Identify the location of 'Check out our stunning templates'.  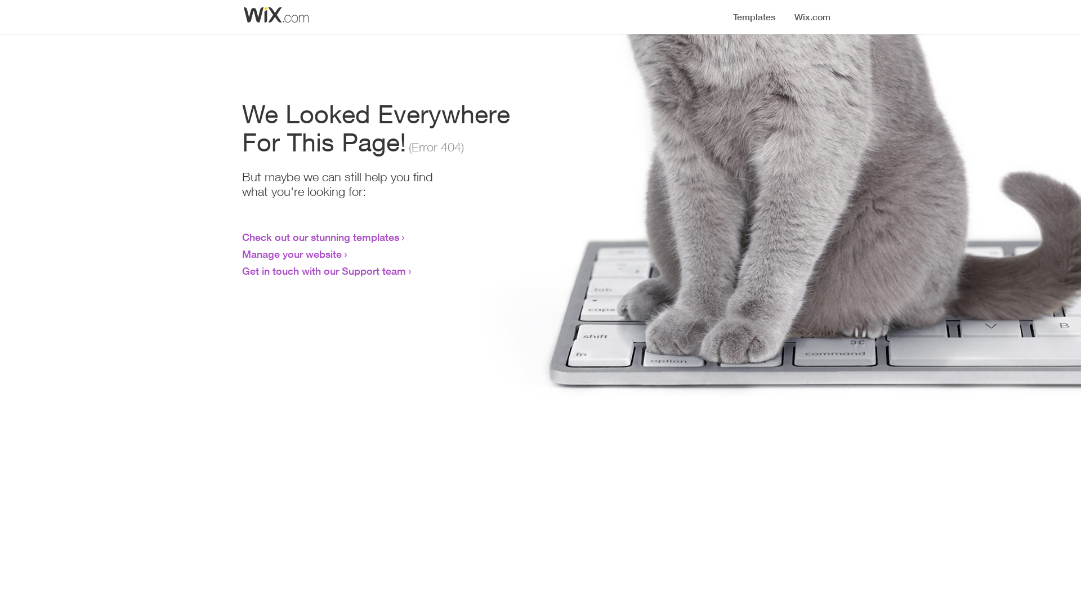
(320, 236).